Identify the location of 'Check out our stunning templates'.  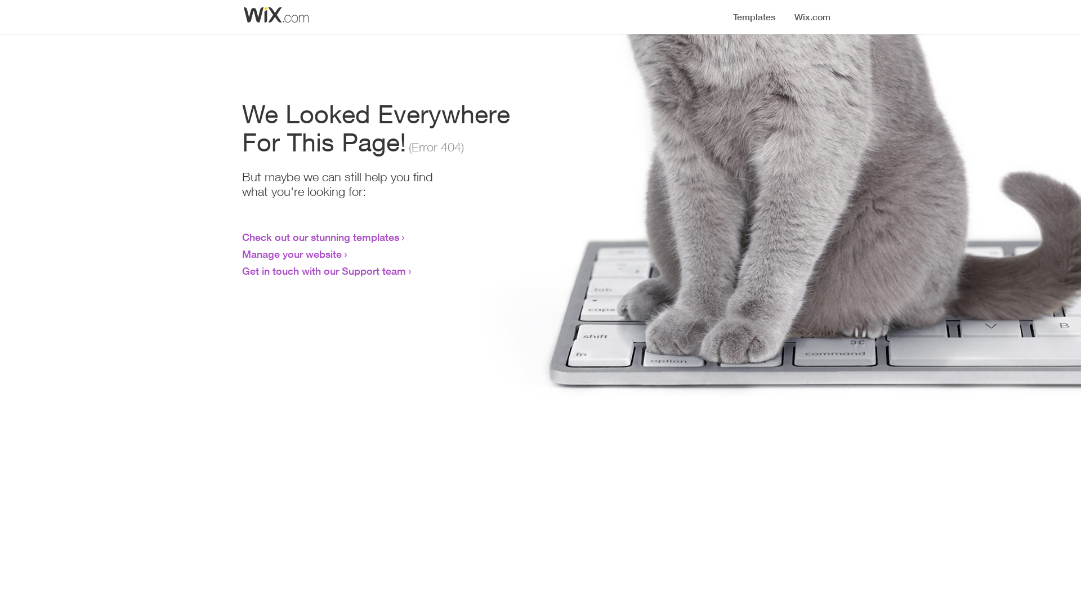
(320, 236).